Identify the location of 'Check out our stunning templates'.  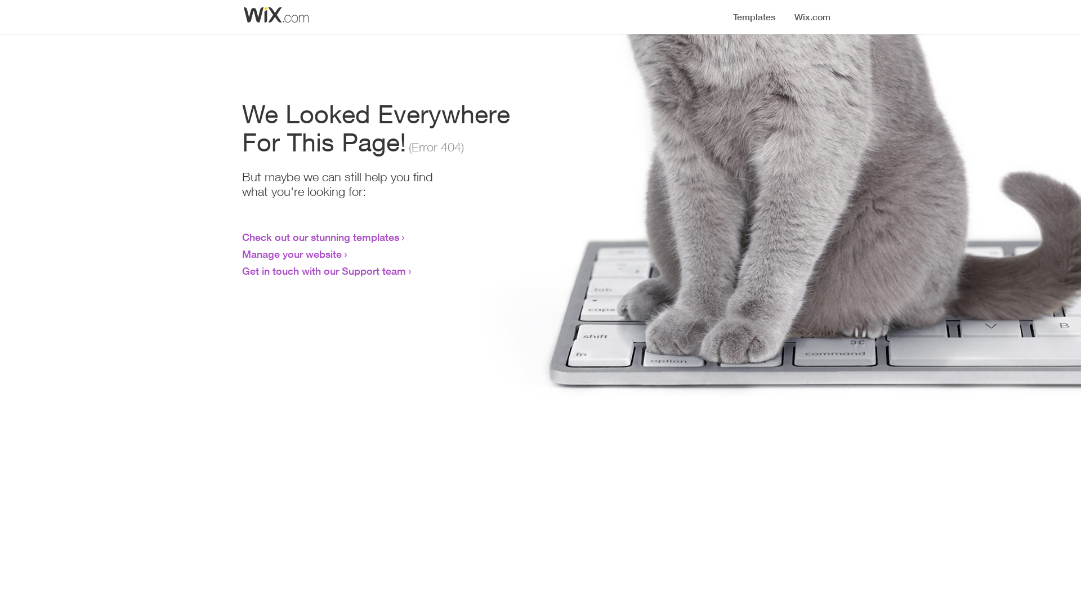
(320, 236).